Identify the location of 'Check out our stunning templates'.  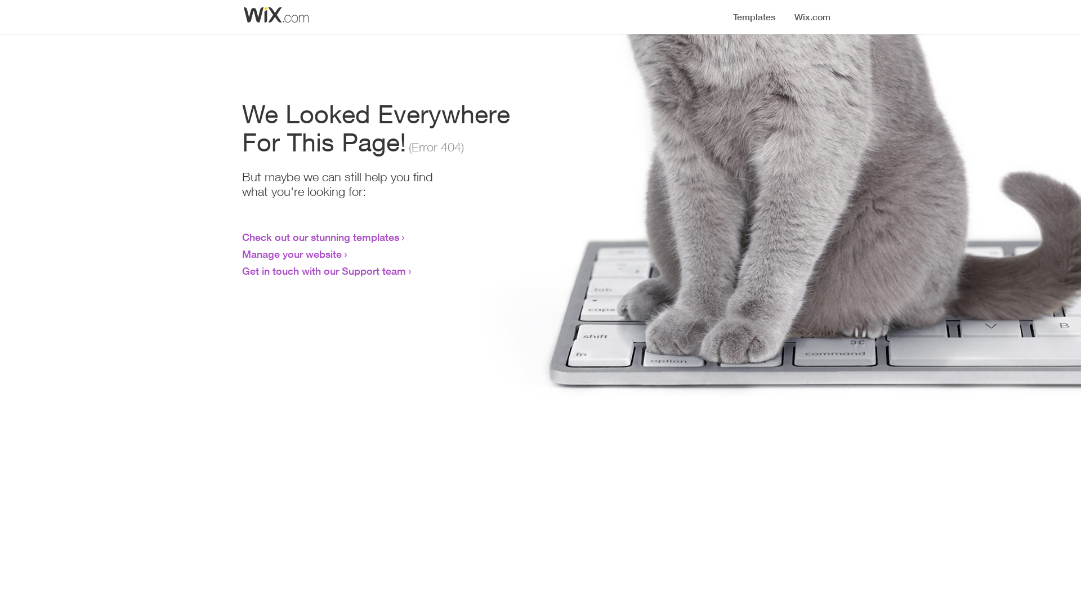
(320, 236).